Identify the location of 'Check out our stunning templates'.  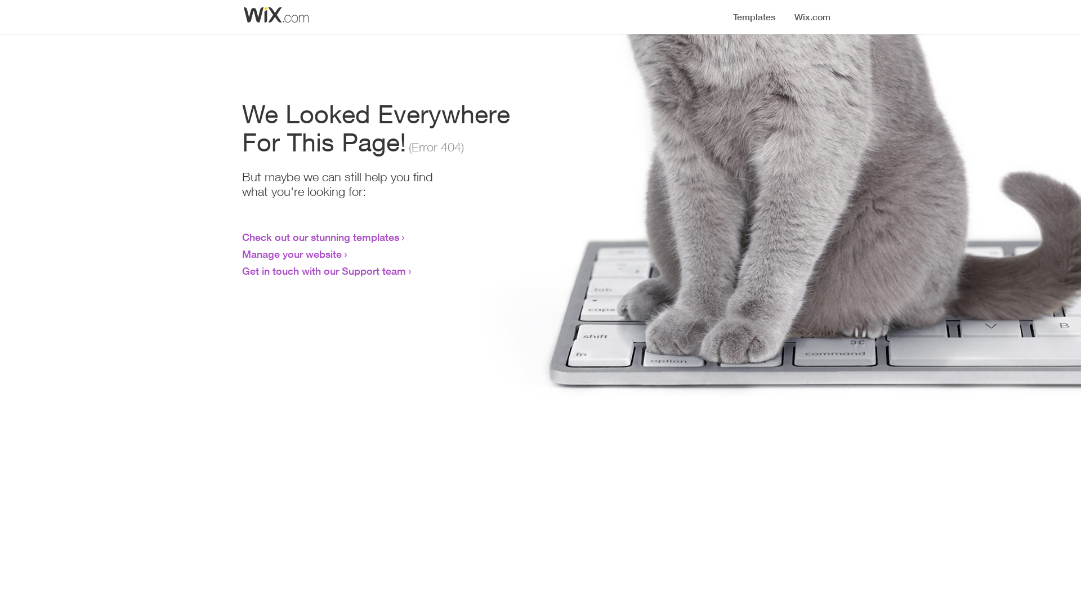
(320, 236).